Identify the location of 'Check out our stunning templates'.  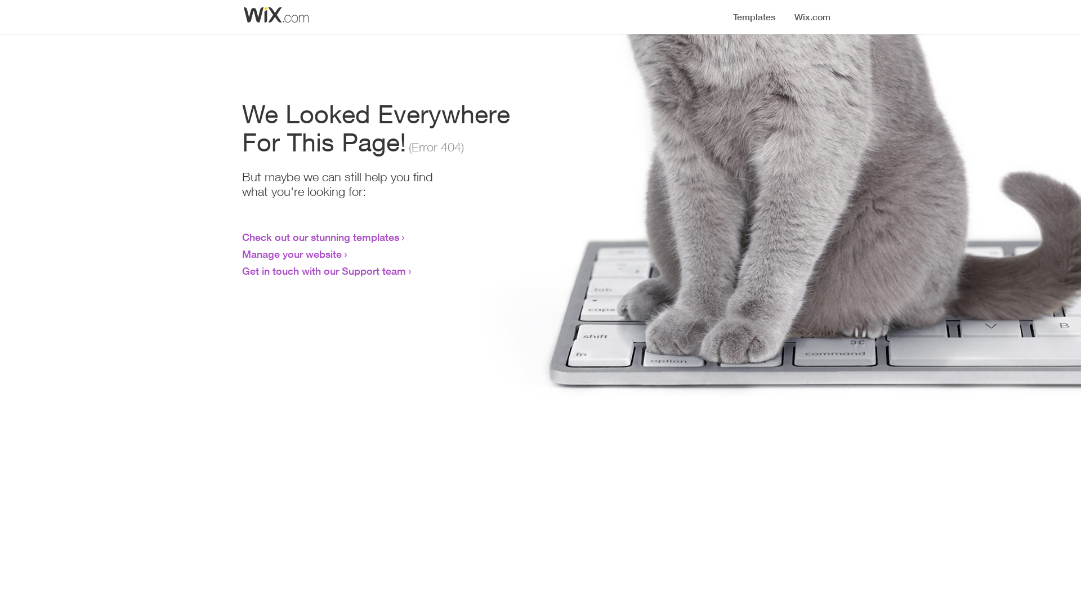
(320, 236).